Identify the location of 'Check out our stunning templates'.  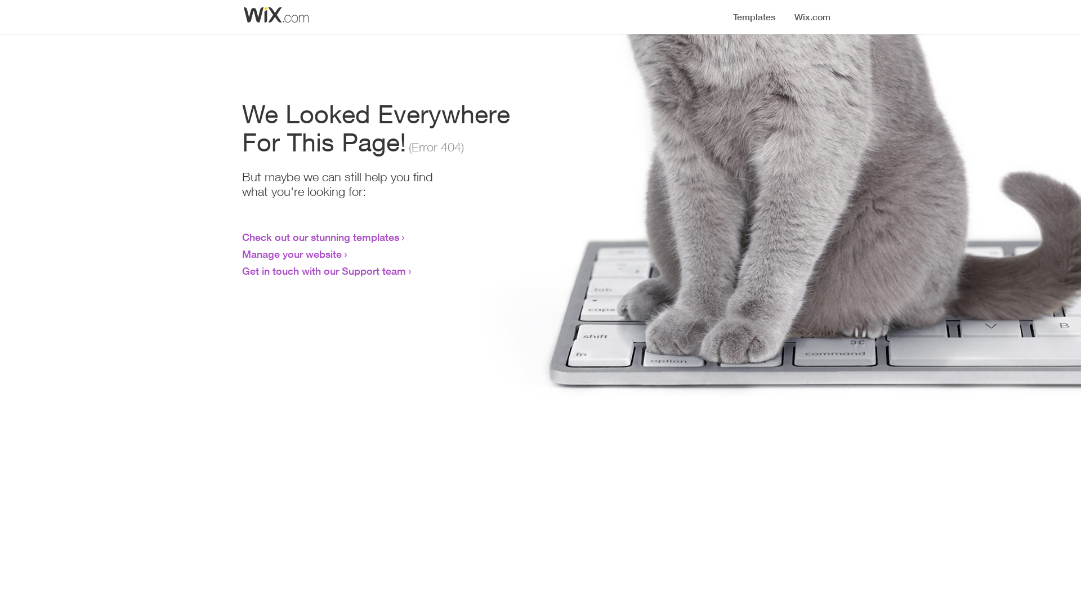
(320, 236).